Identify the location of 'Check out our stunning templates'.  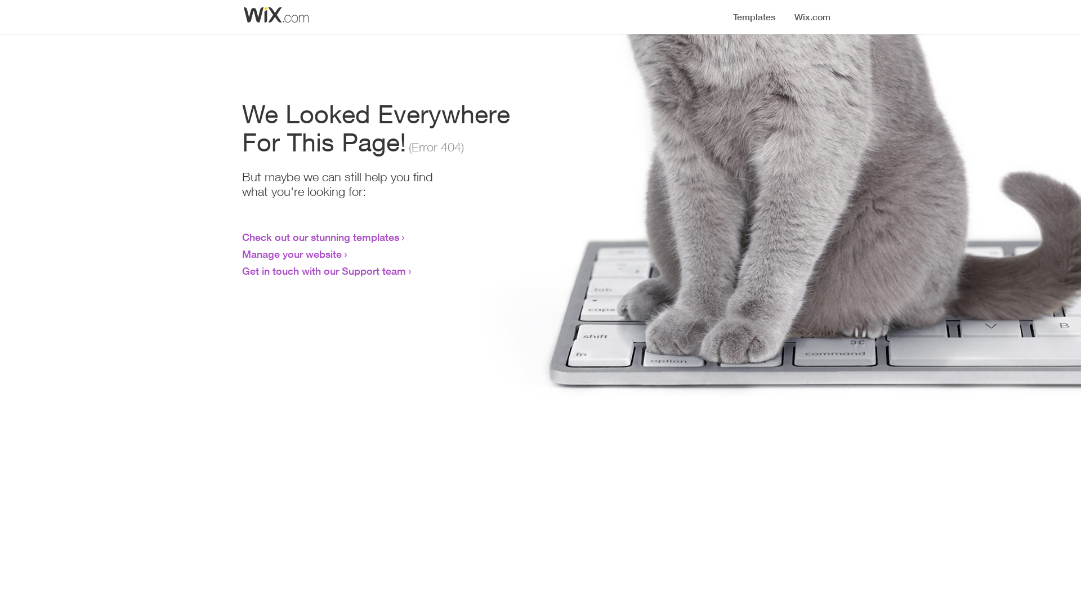
(320, 236).